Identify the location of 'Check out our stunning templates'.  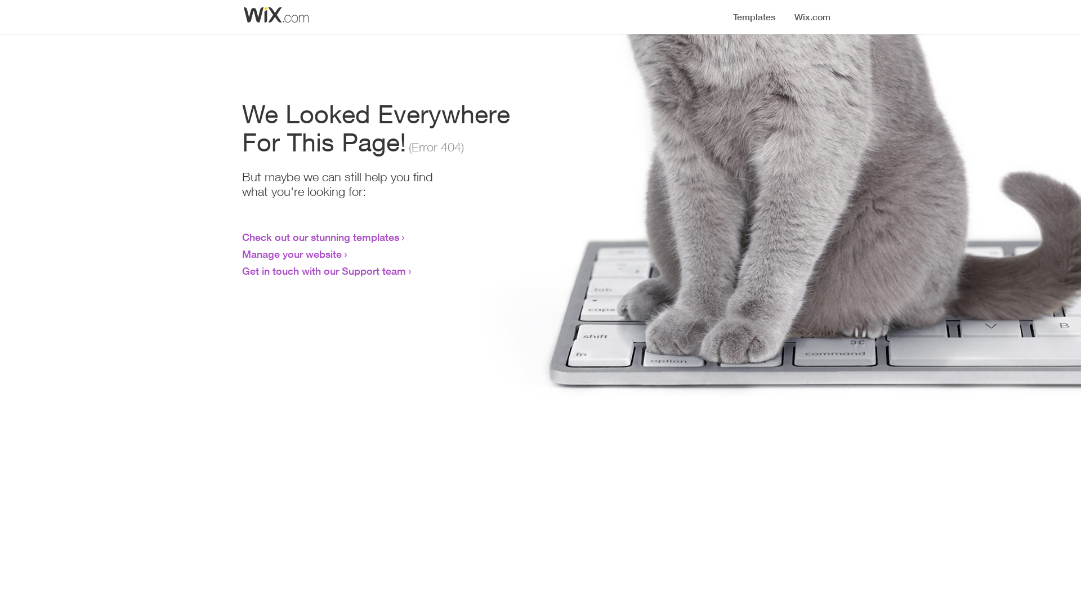
(320, 236).